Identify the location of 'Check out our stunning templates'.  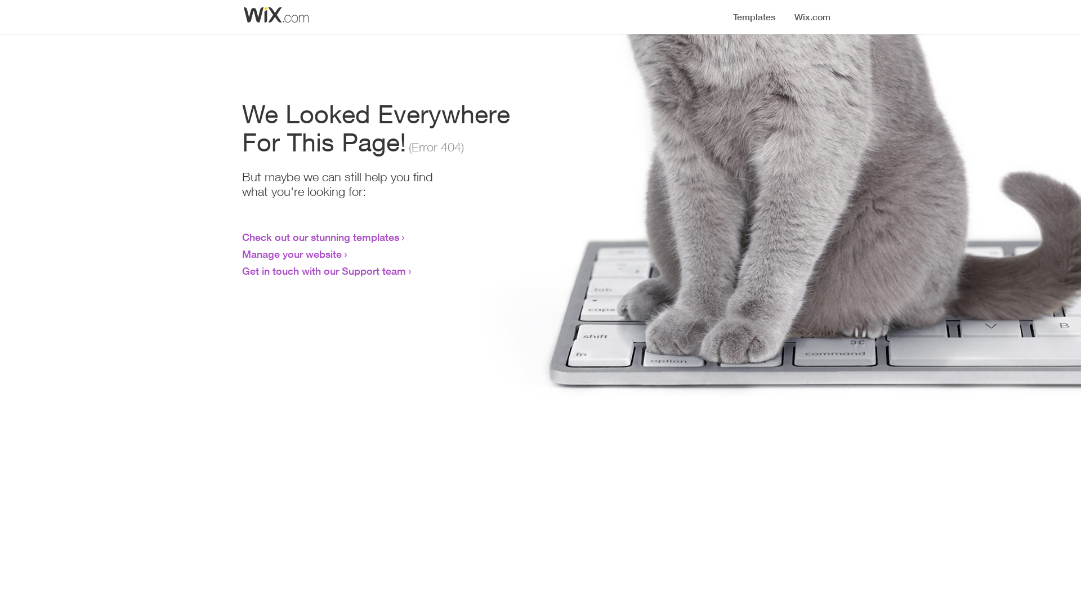
(320, 236).